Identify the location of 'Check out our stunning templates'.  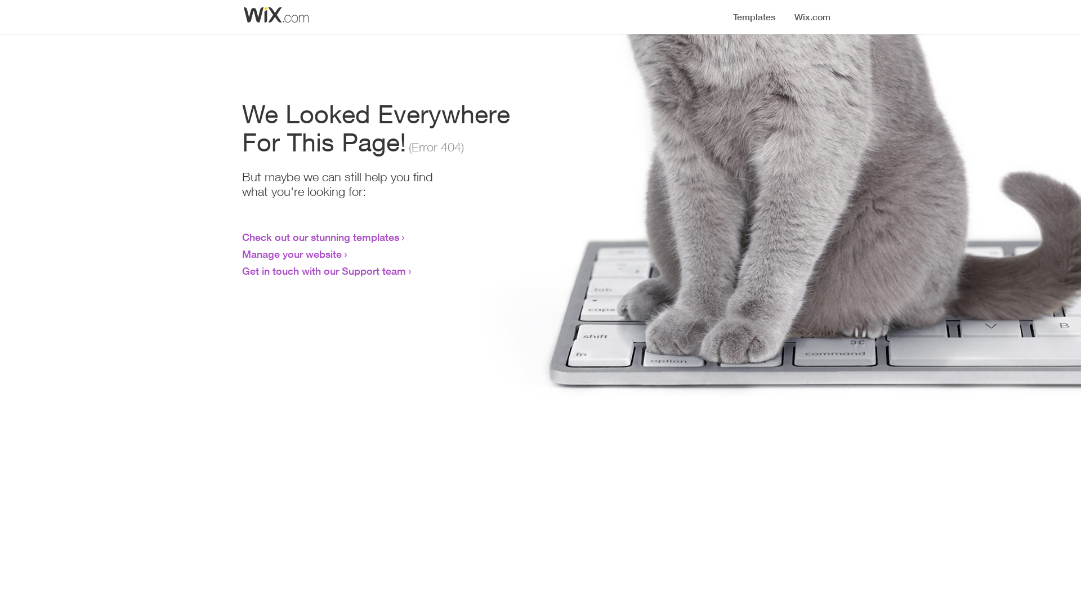
(320, 236).